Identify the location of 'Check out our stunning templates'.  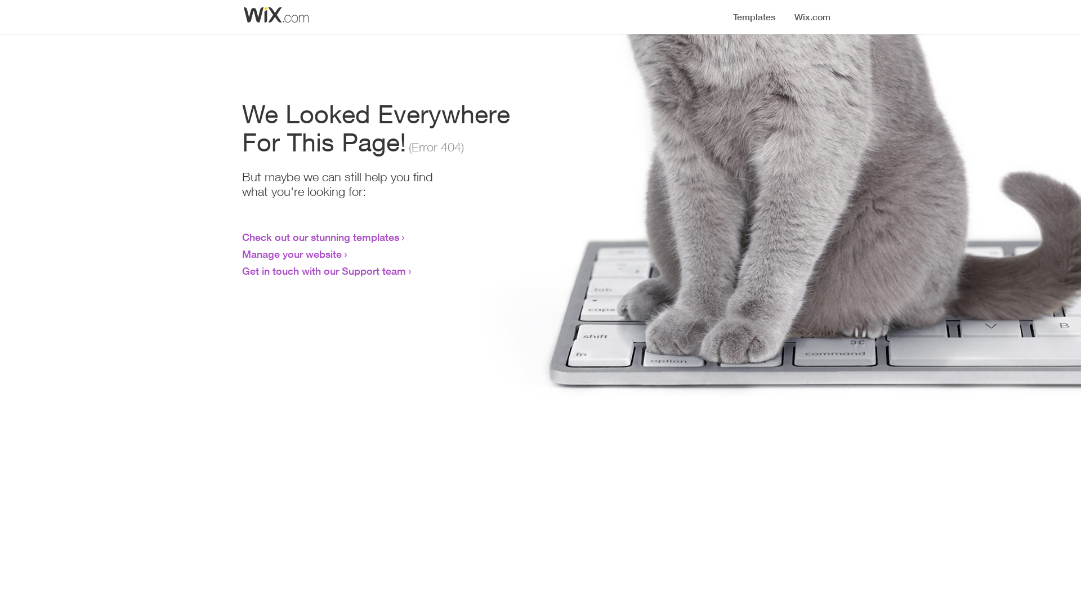
(320, 236).